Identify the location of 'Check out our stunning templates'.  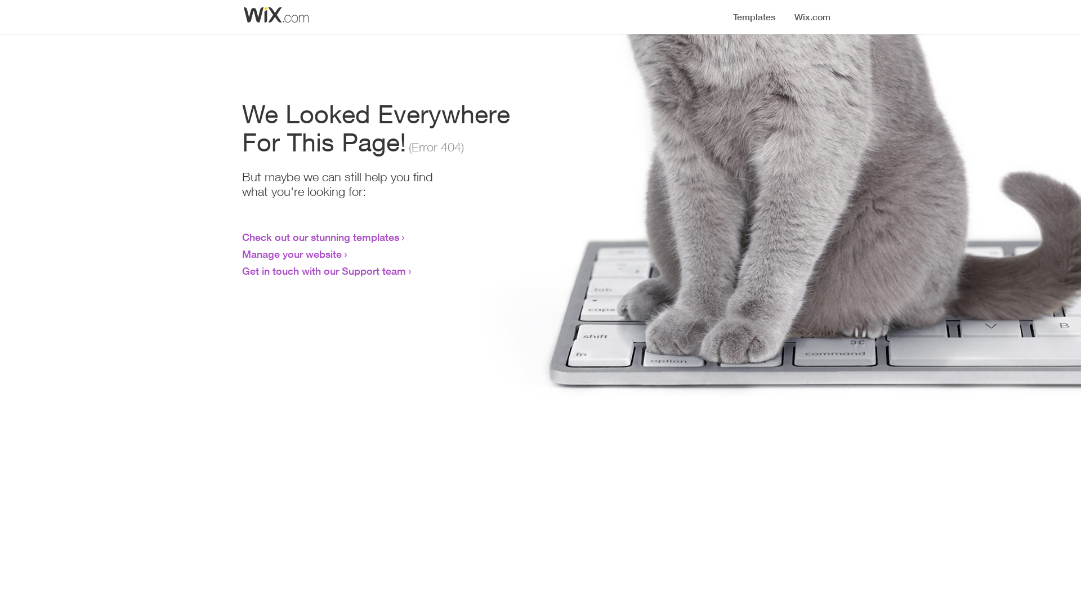
(320, 236).